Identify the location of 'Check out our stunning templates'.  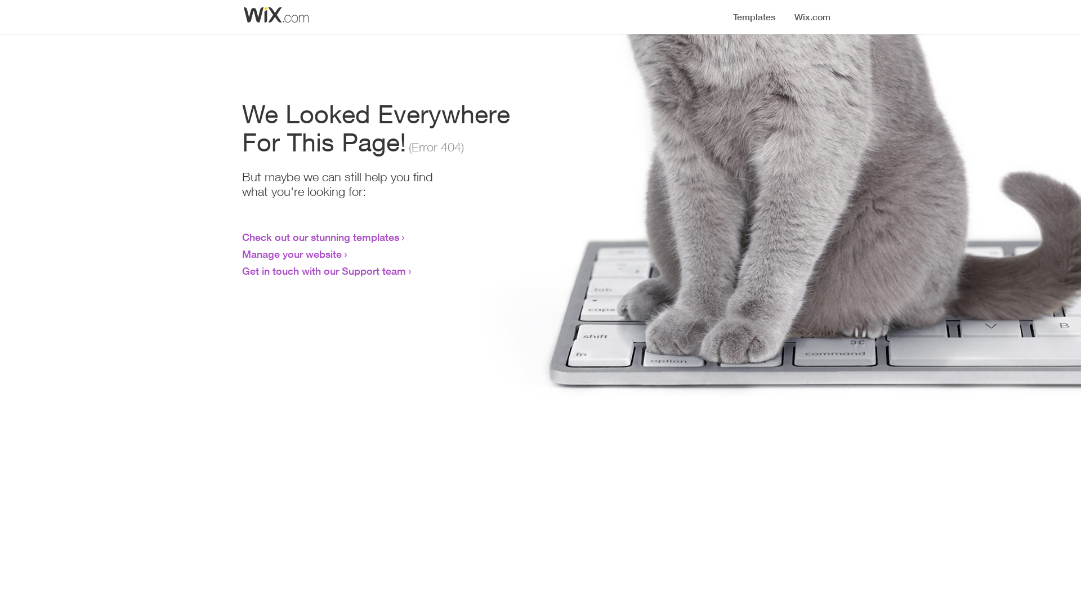
(320, 236).